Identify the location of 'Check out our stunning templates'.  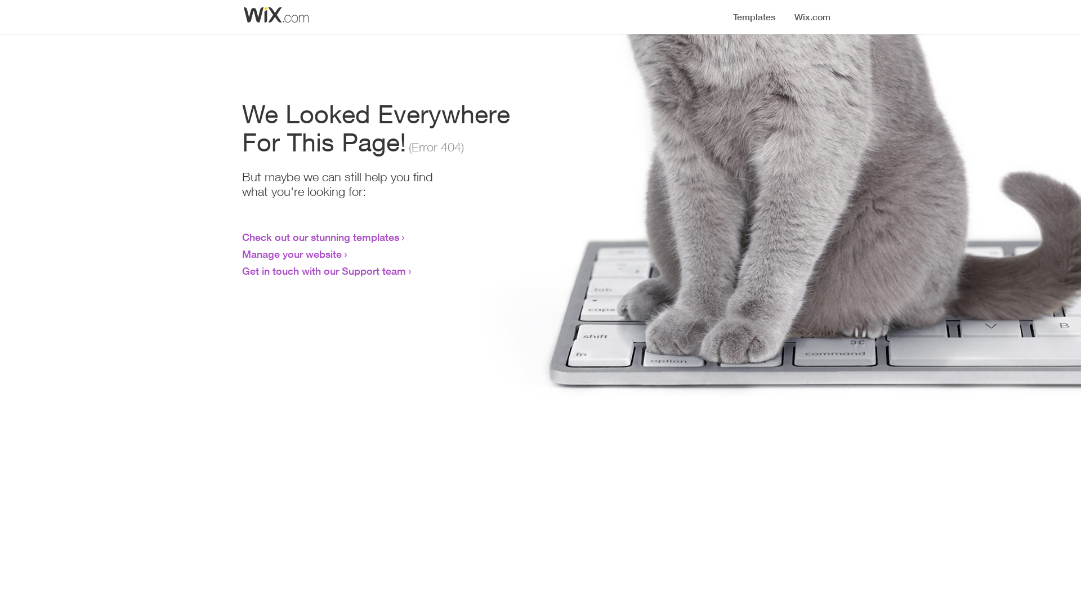
(320, 236).